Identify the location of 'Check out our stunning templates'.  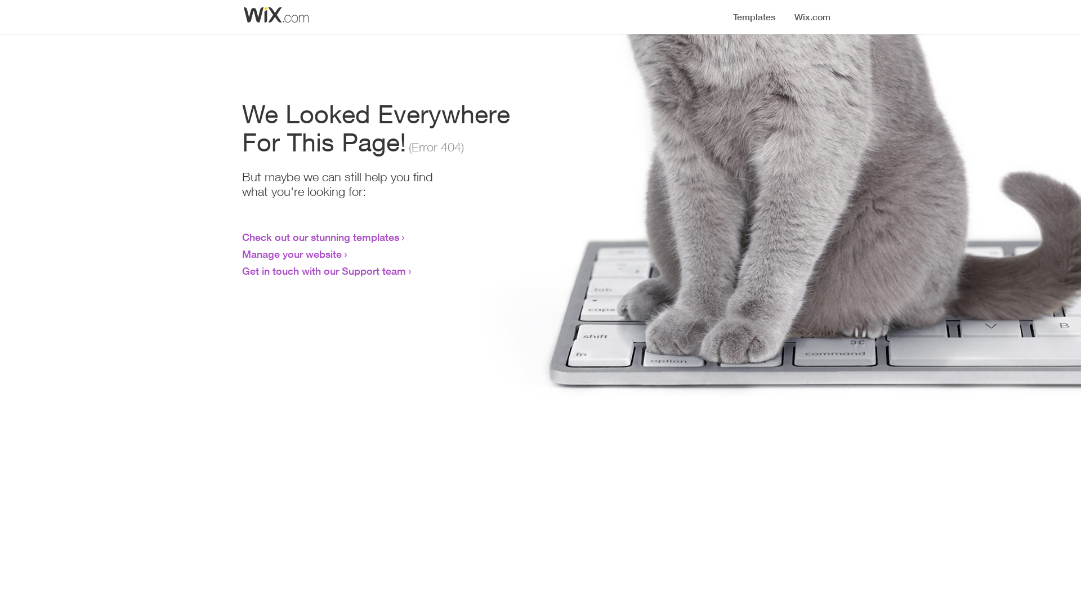
(320, 236).